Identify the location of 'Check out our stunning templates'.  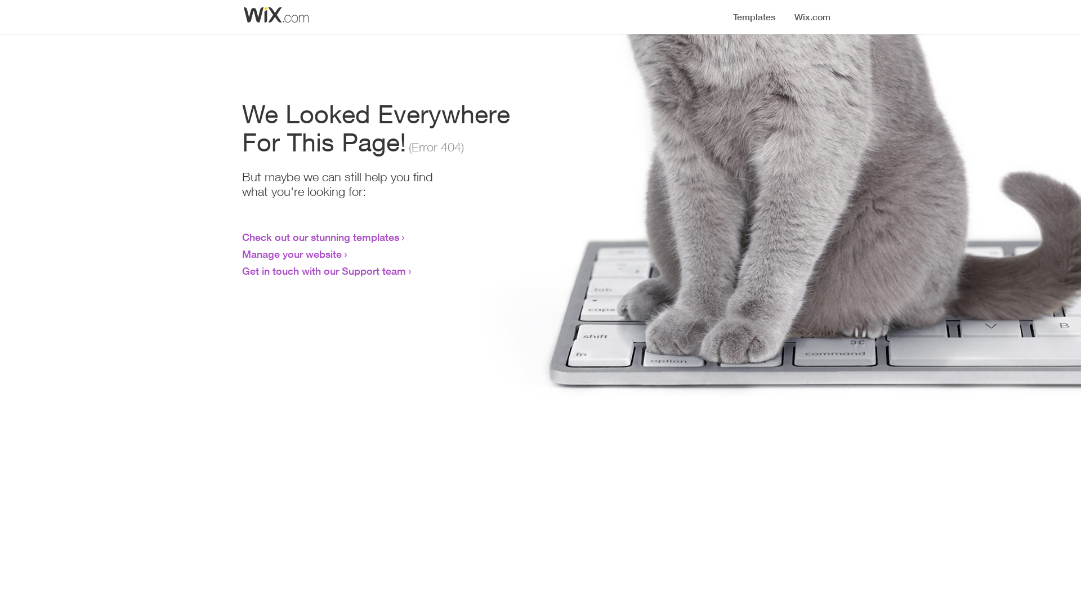
(320, 236).